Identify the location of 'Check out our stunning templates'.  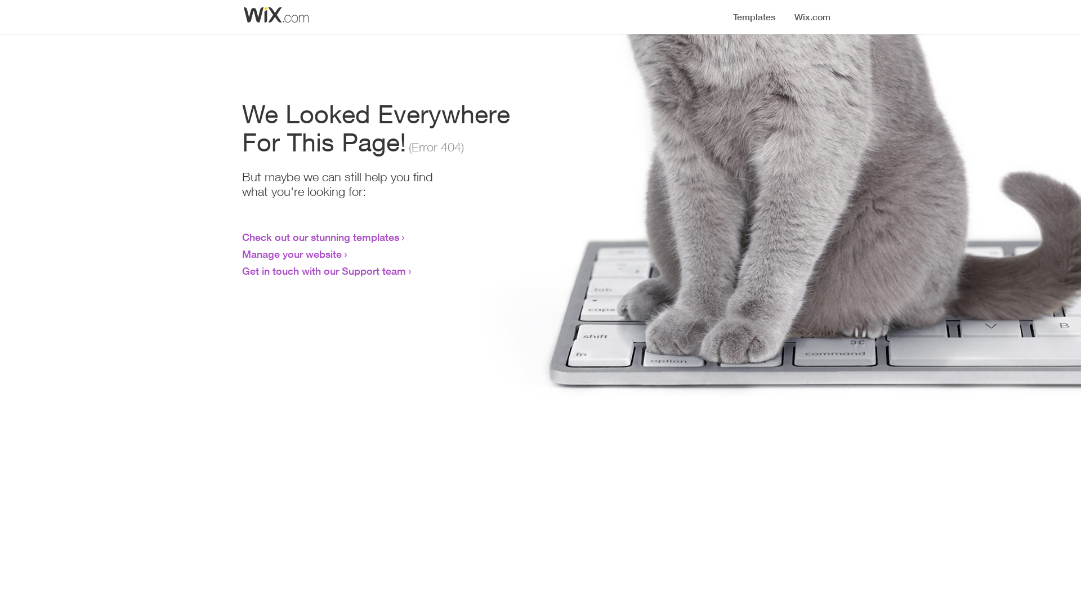
(320, 236).